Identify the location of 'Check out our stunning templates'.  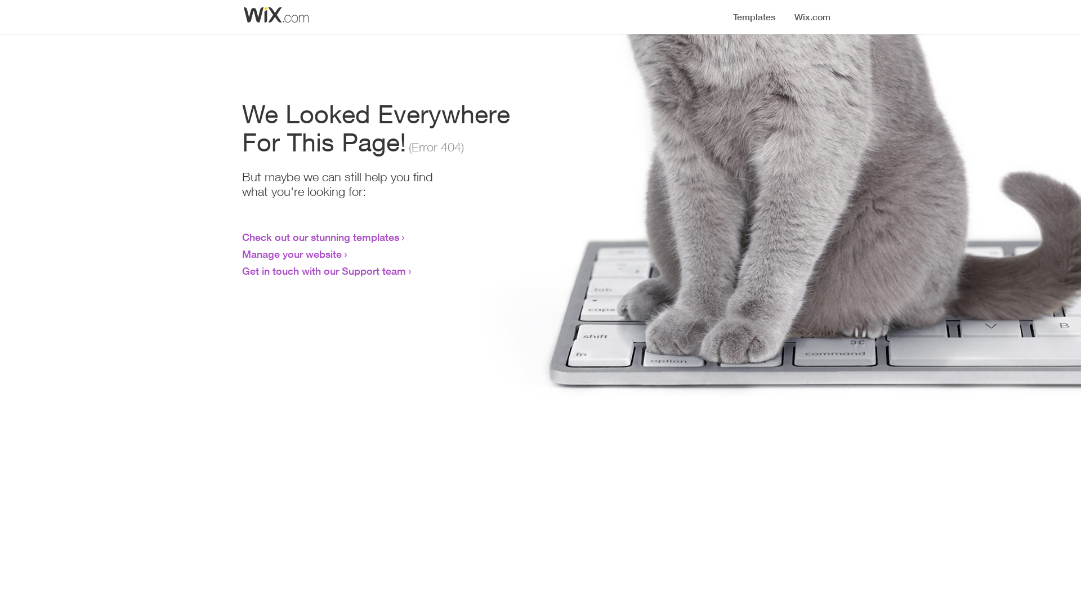
(320, 236).